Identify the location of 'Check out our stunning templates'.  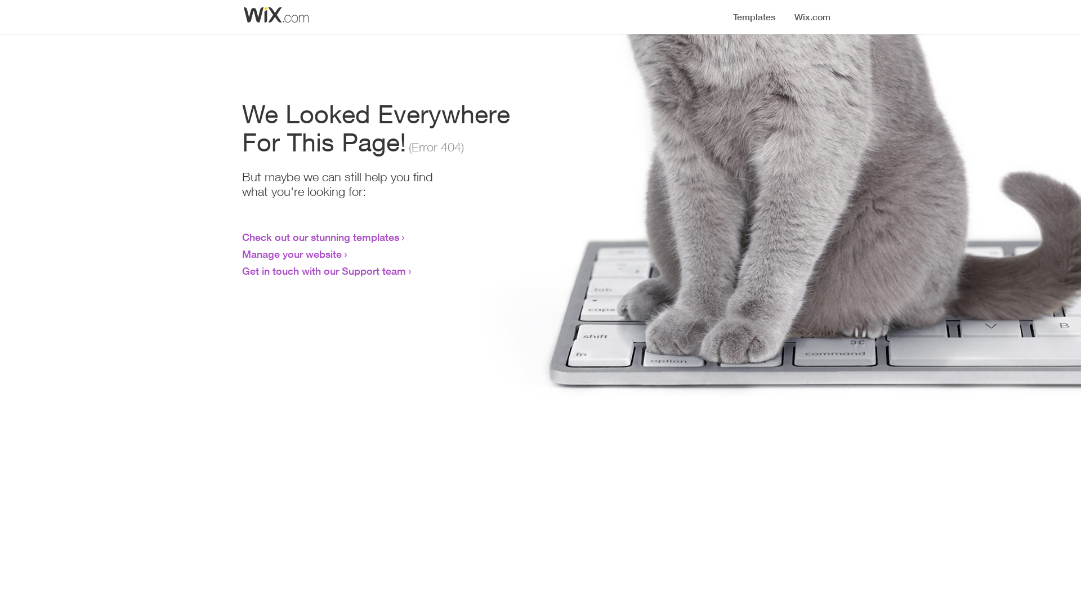
(320, 236).